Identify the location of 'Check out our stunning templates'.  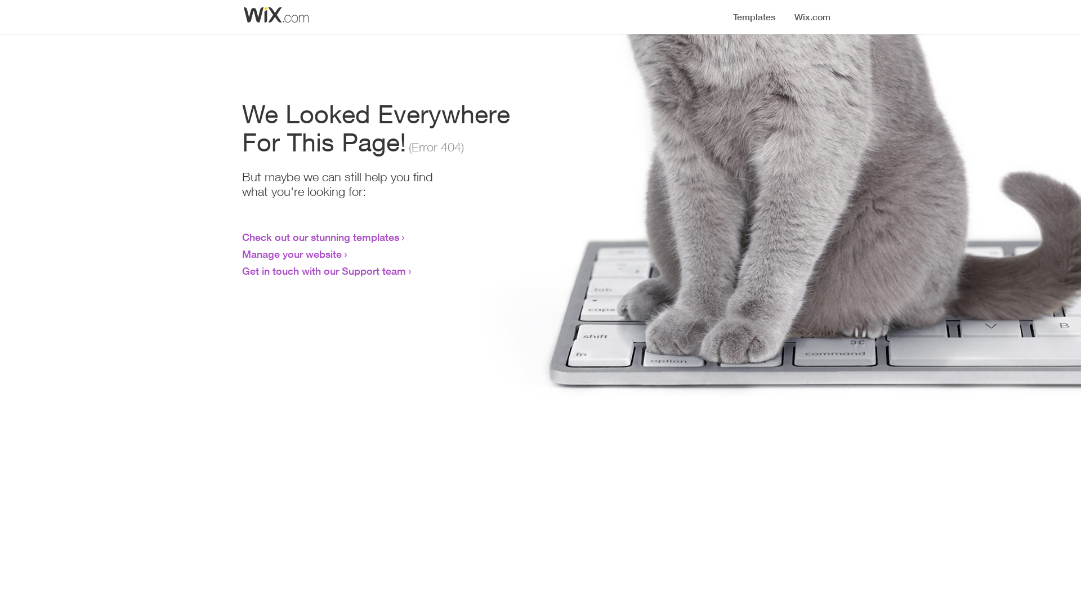
(320, 236).